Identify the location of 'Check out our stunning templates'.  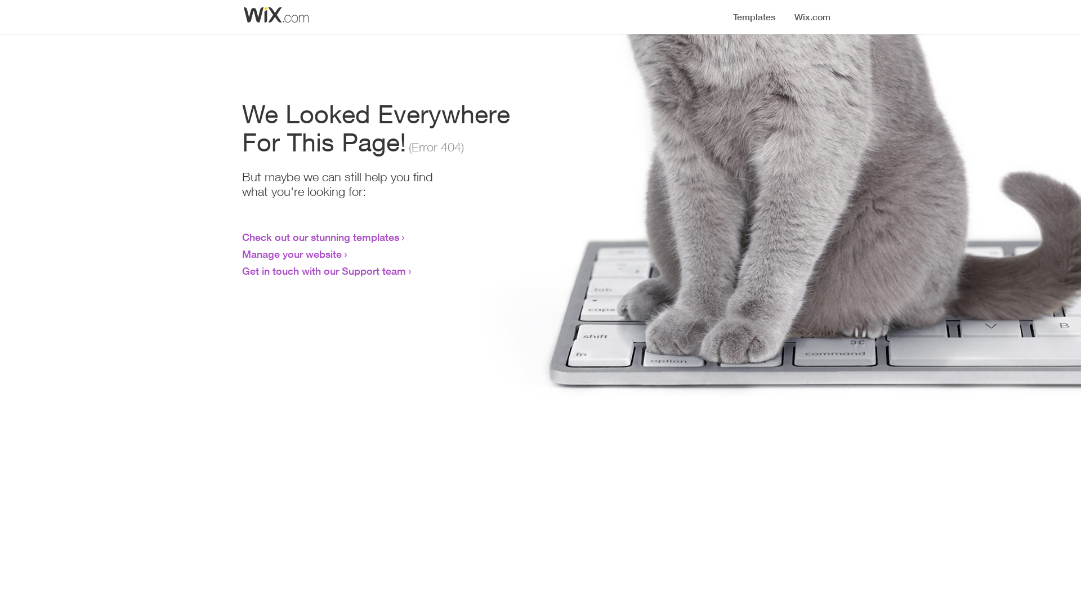
(320, 236).